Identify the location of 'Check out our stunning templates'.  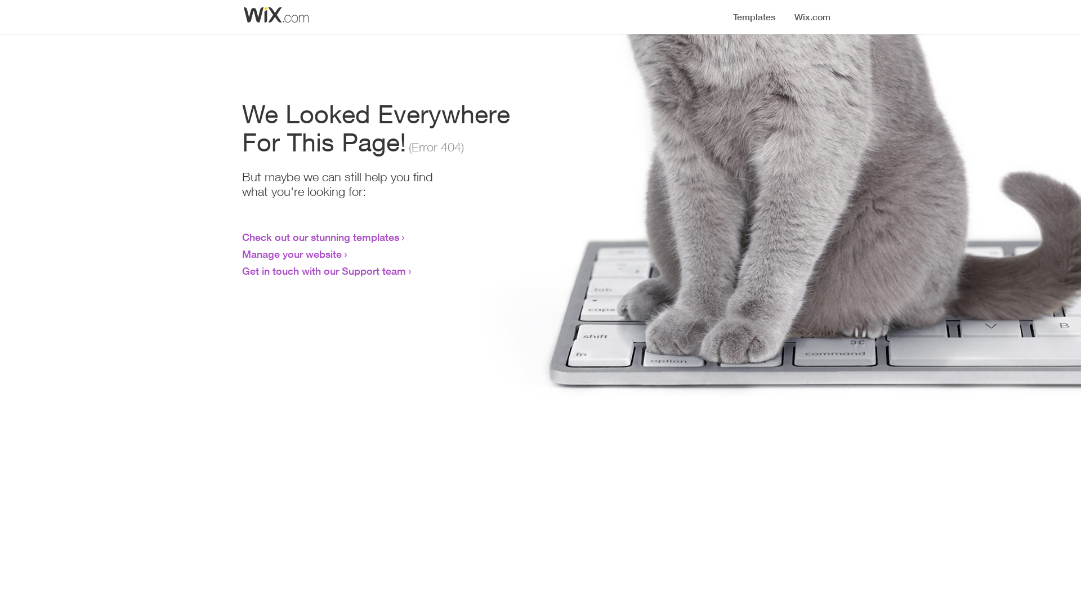
(320, 236).